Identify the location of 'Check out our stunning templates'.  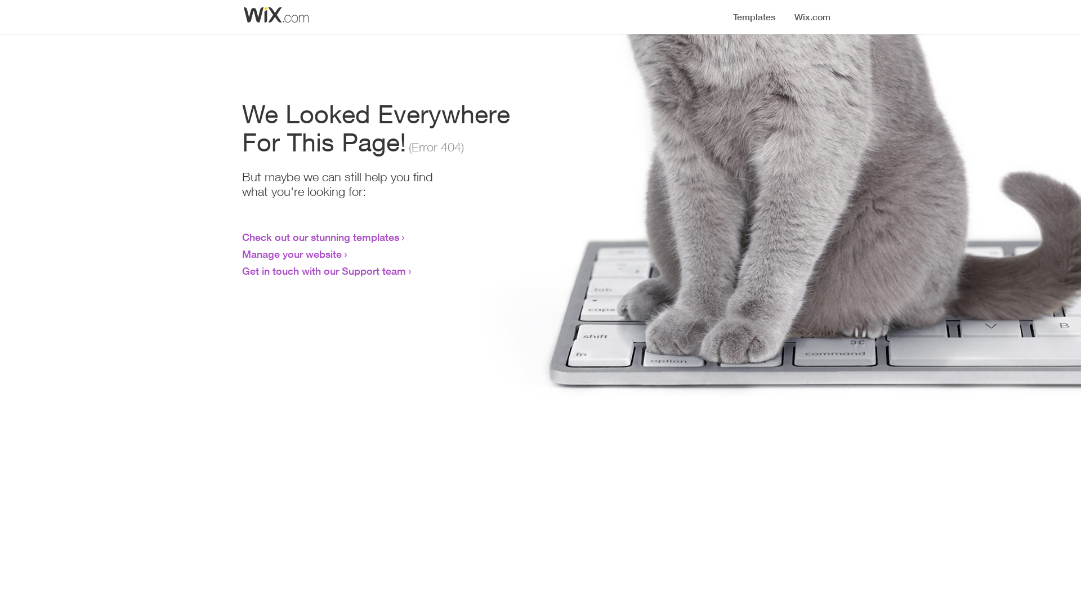
(320, 236).